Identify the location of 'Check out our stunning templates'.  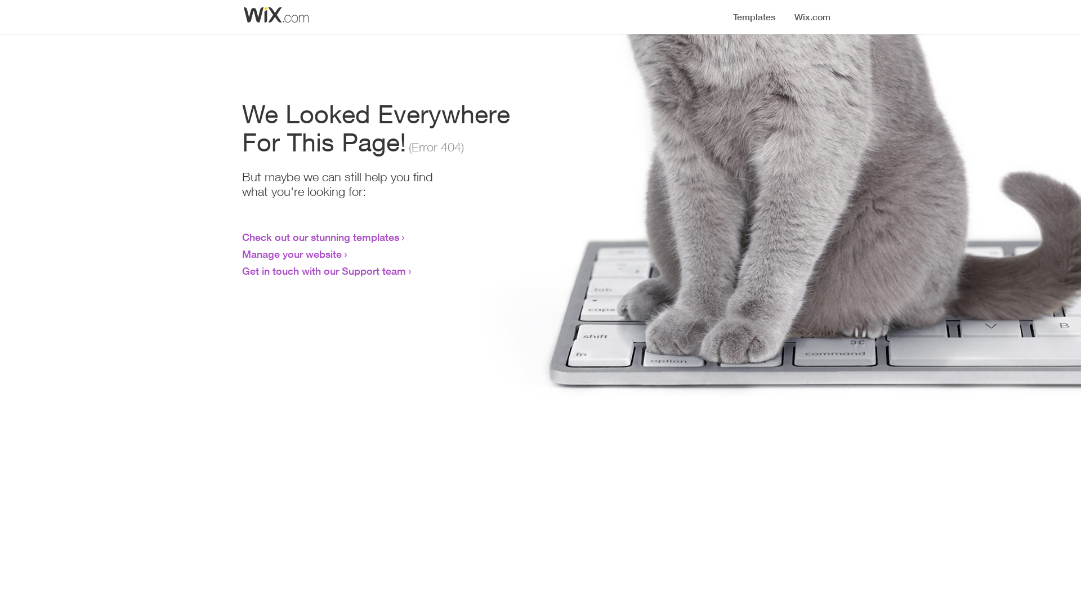
(320, 236).